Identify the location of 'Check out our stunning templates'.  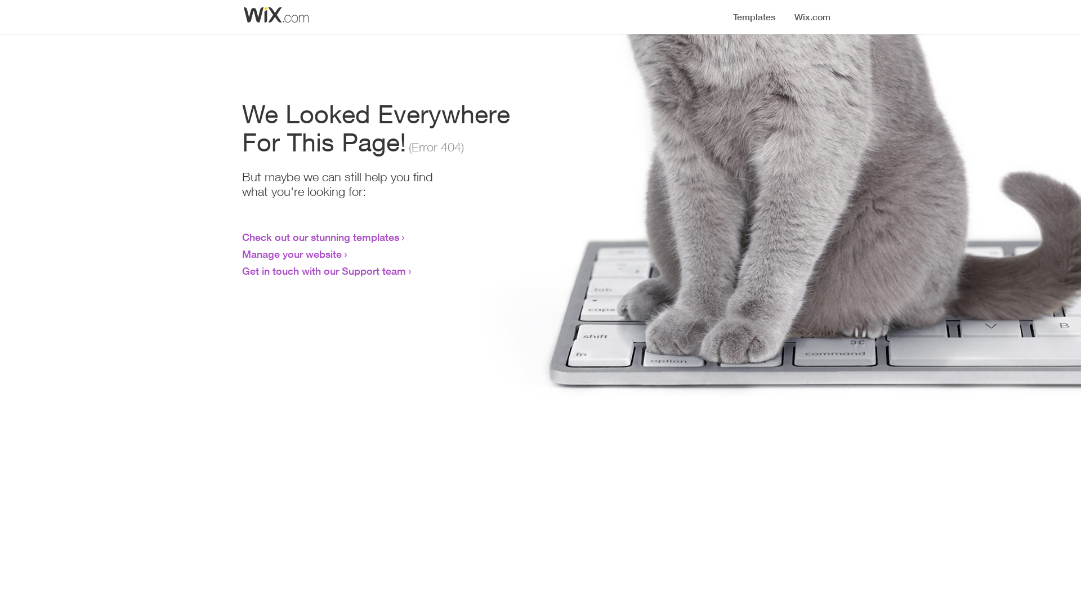
(320, 236).